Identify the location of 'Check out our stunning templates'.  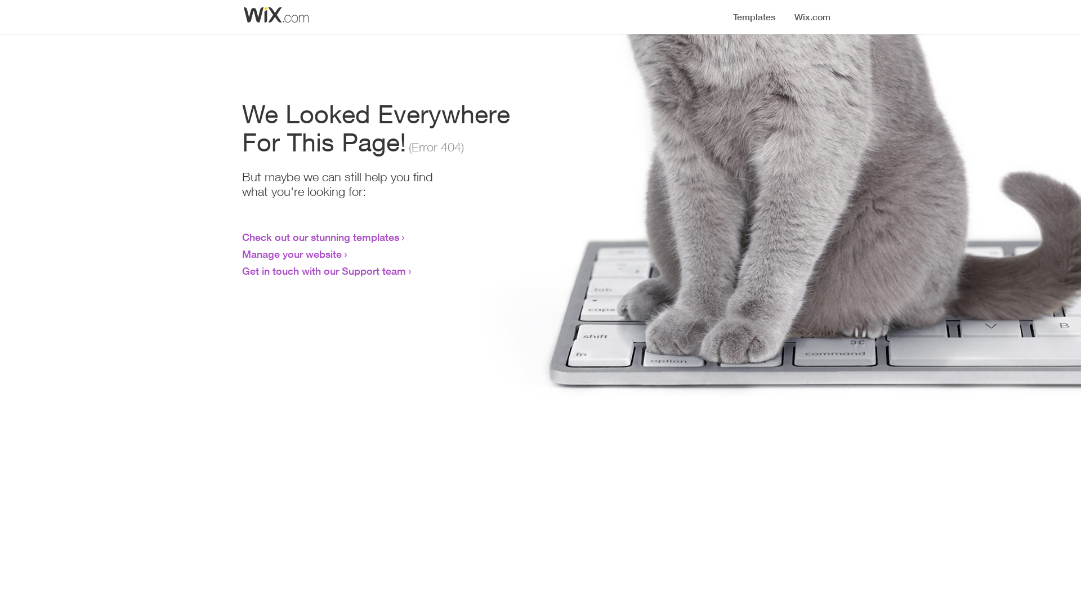
(320, 236).